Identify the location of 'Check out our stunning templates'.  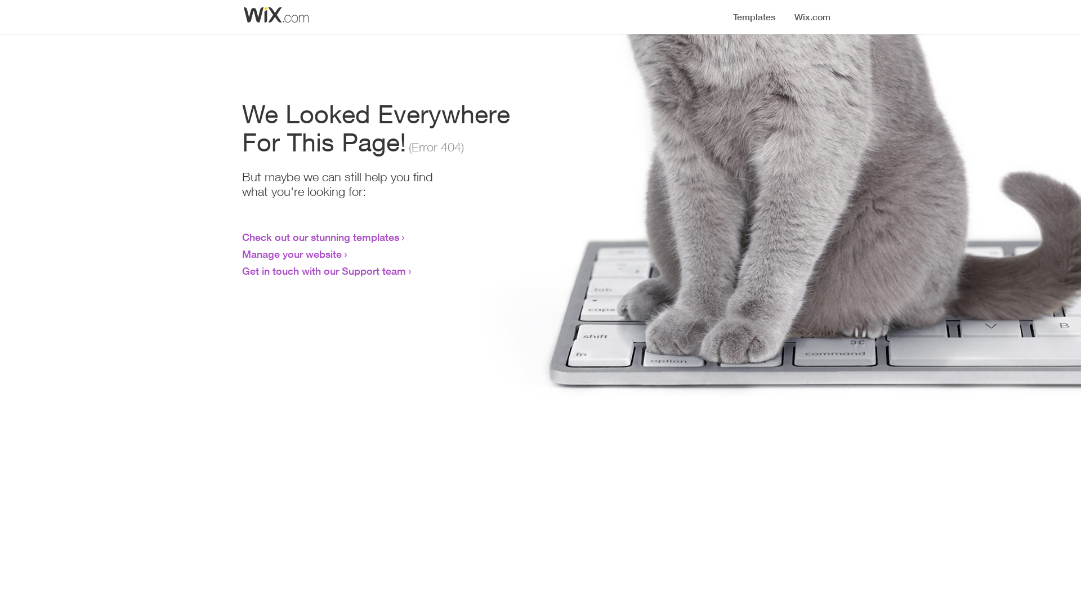
(320, 236).